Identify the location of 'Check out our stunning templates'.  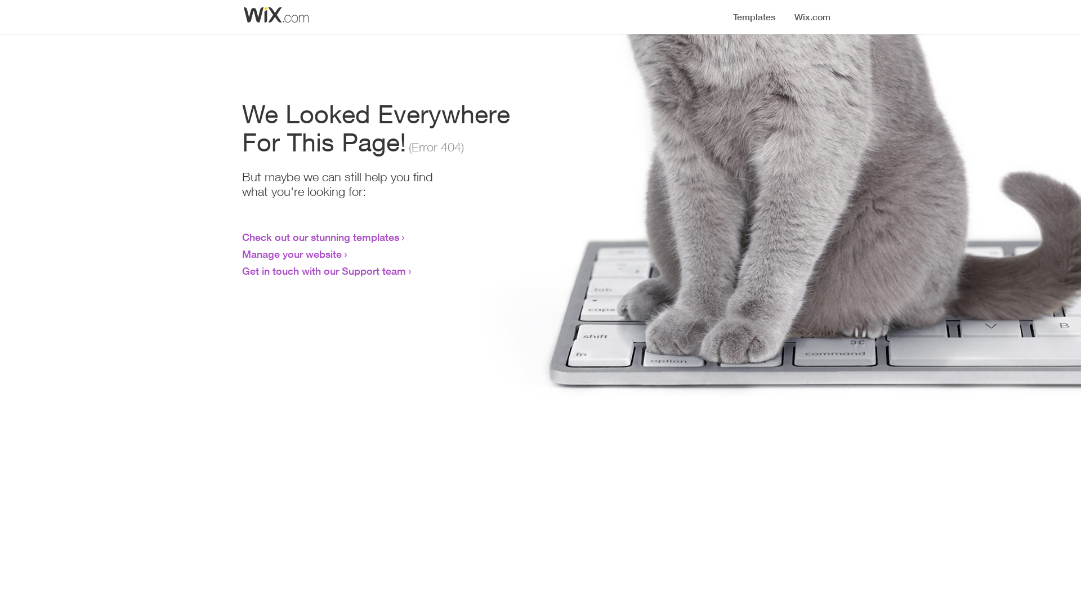
(320, 236).